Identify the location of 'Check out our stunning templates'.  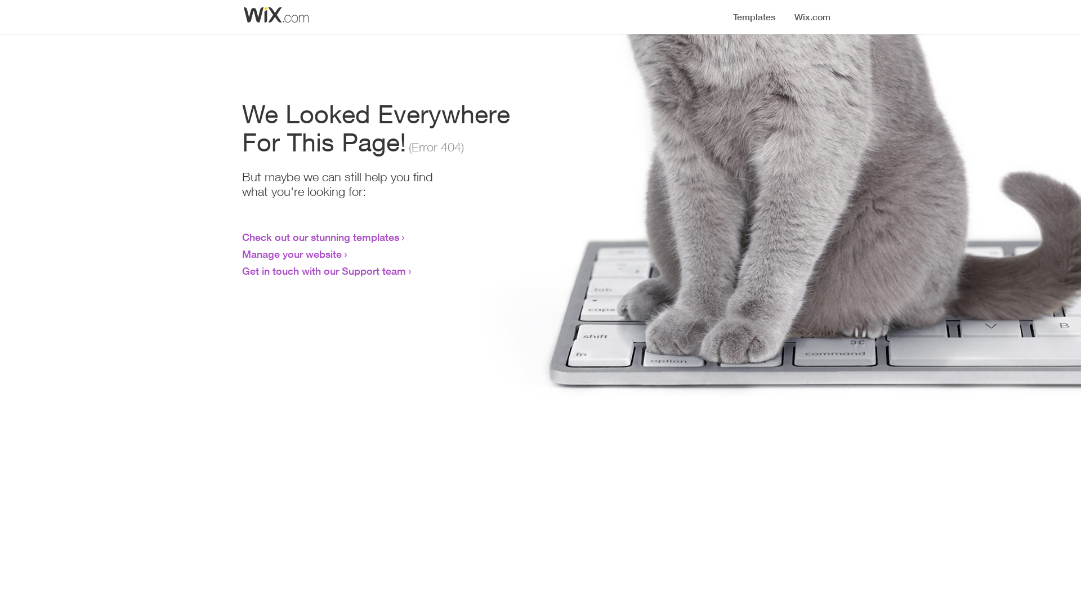
(320, 236).